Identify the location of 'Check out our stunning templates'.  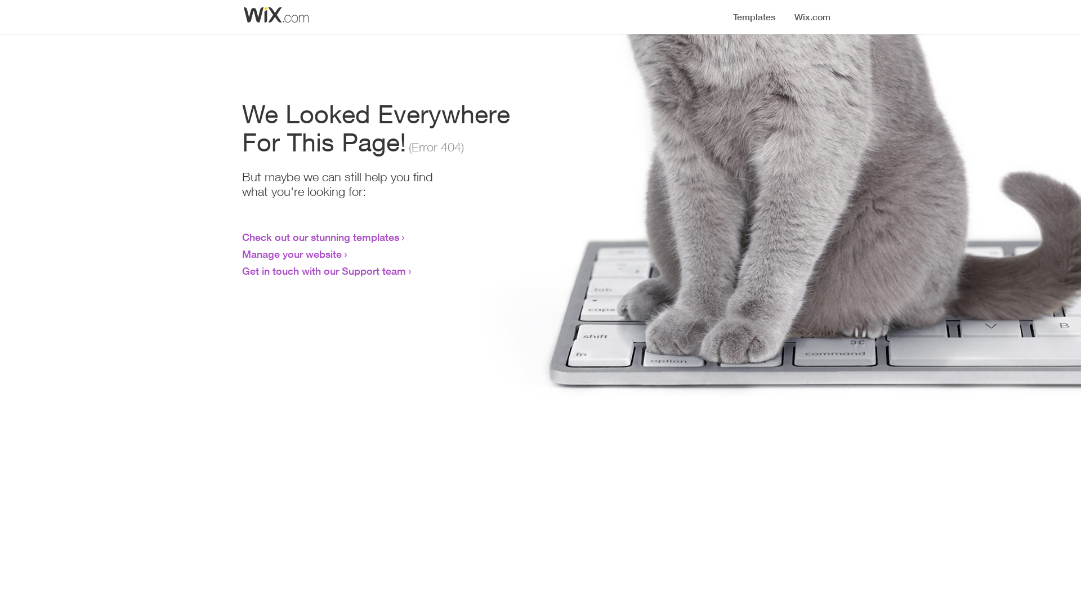
(320, 236).